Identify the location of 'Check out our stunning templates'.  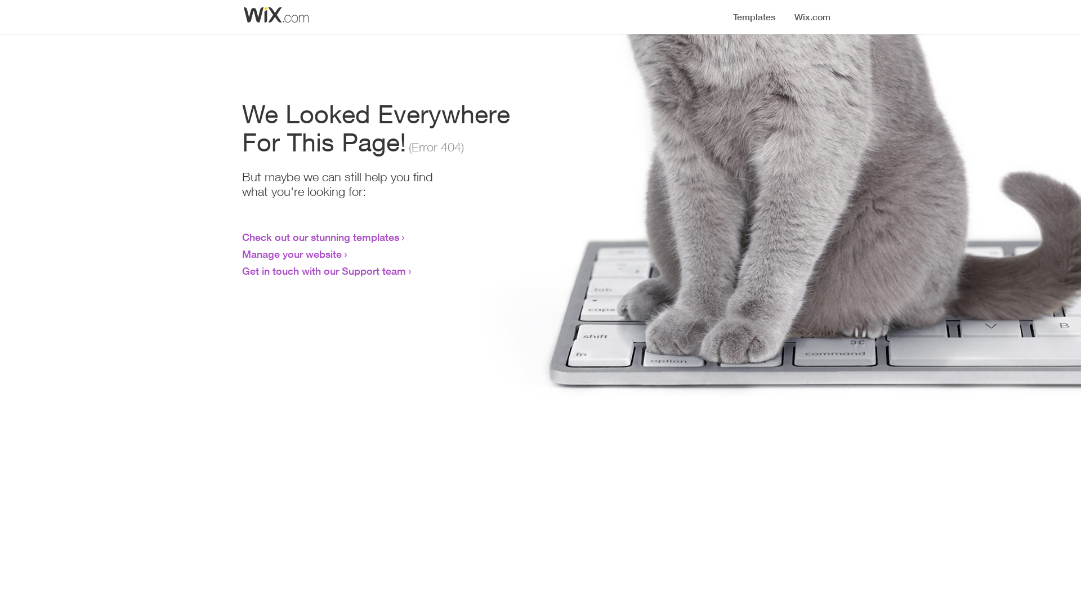
(320, 236).